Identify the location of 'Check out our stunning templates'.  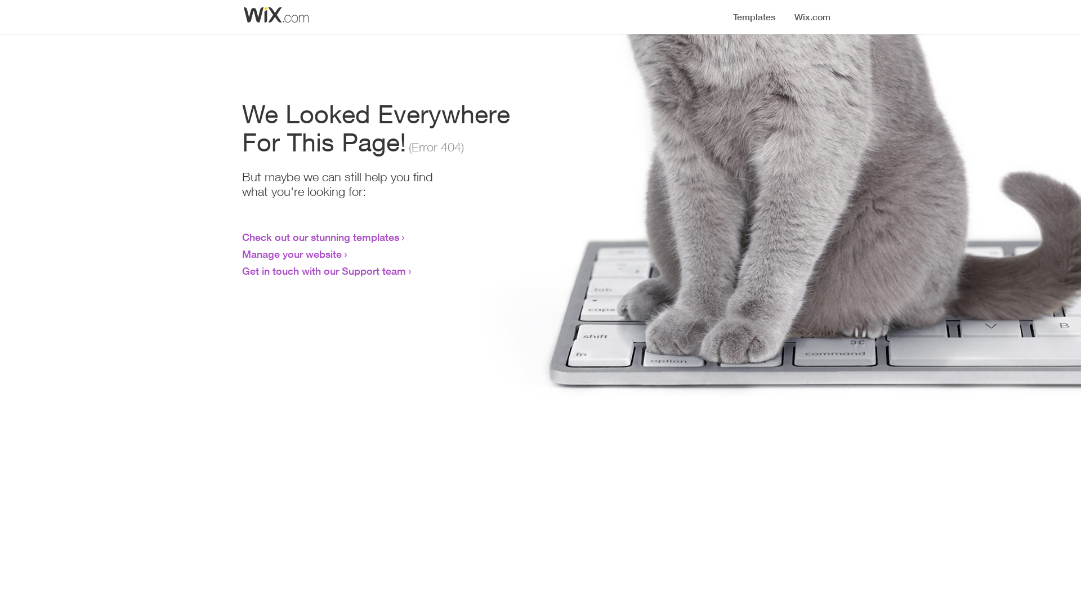
(320, 236).